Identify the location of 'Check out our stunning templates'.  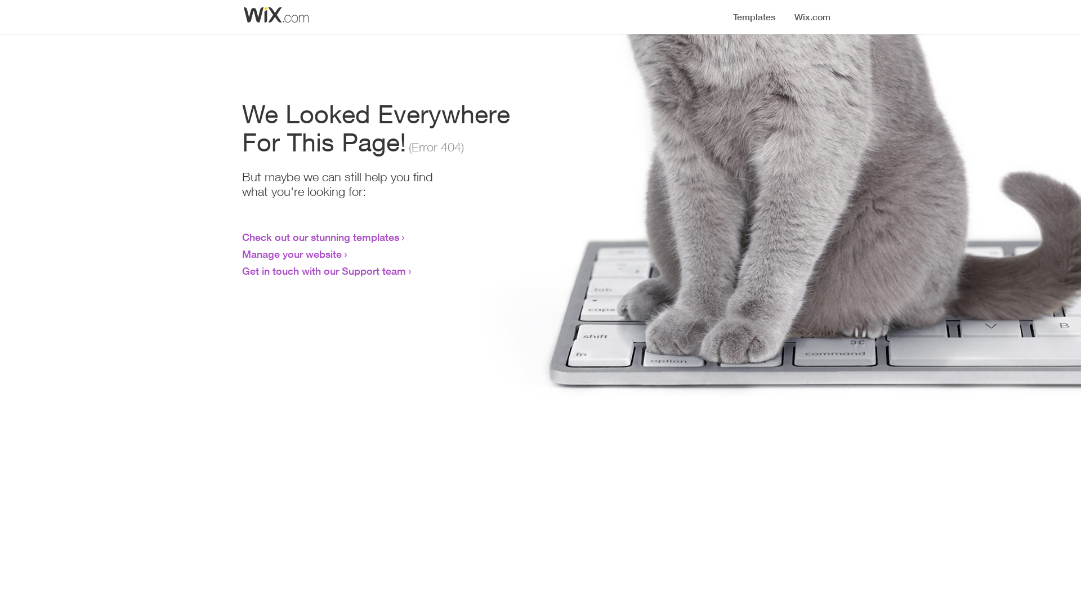
(320, 236).